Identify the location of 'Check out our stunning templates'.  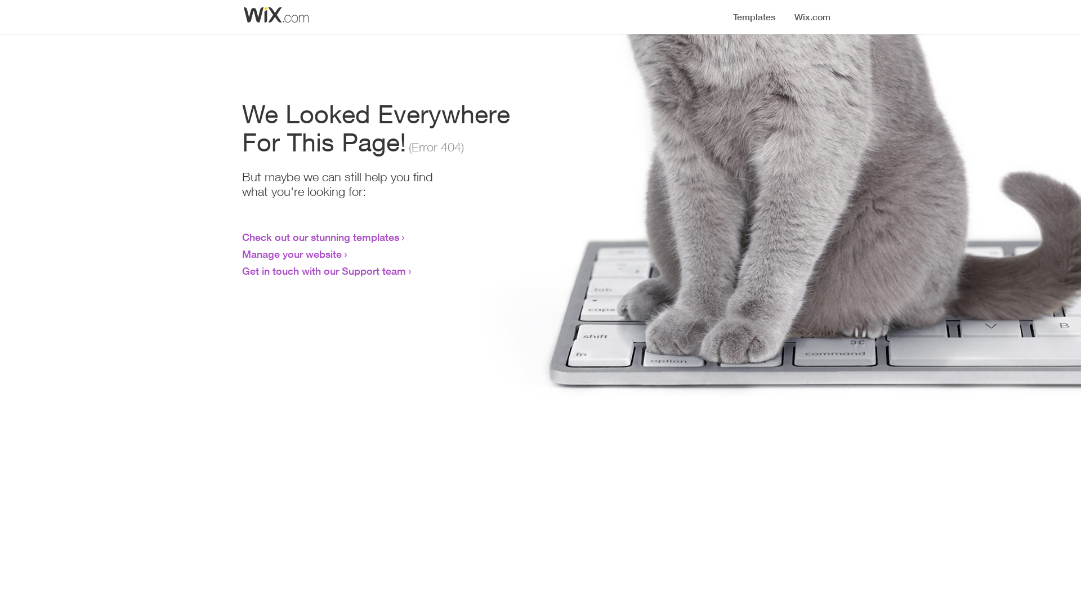
(320, 236).